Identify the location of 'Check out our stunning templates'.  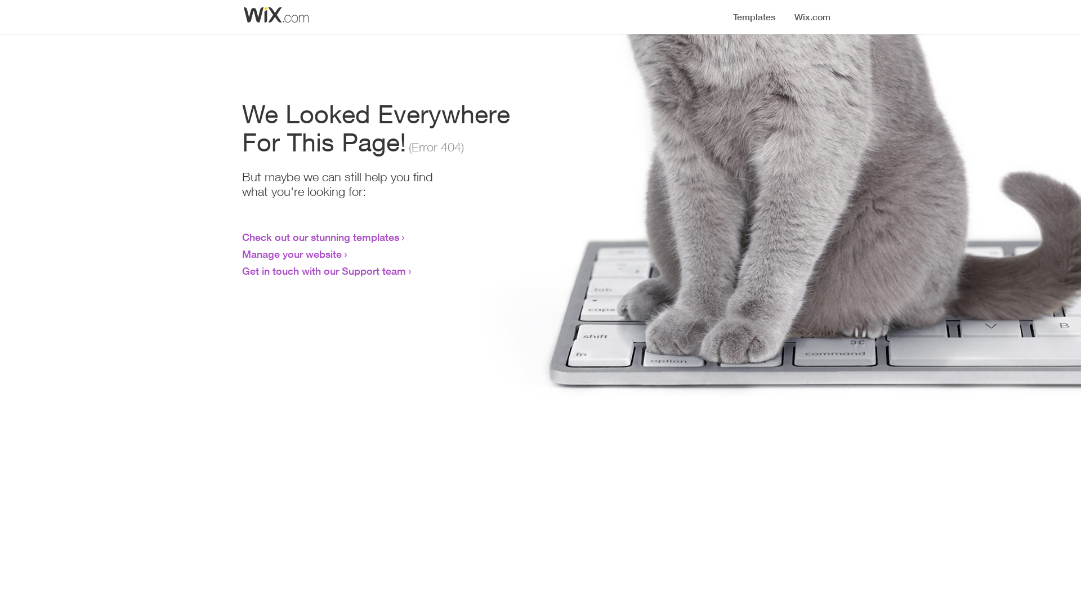
(320, 236).